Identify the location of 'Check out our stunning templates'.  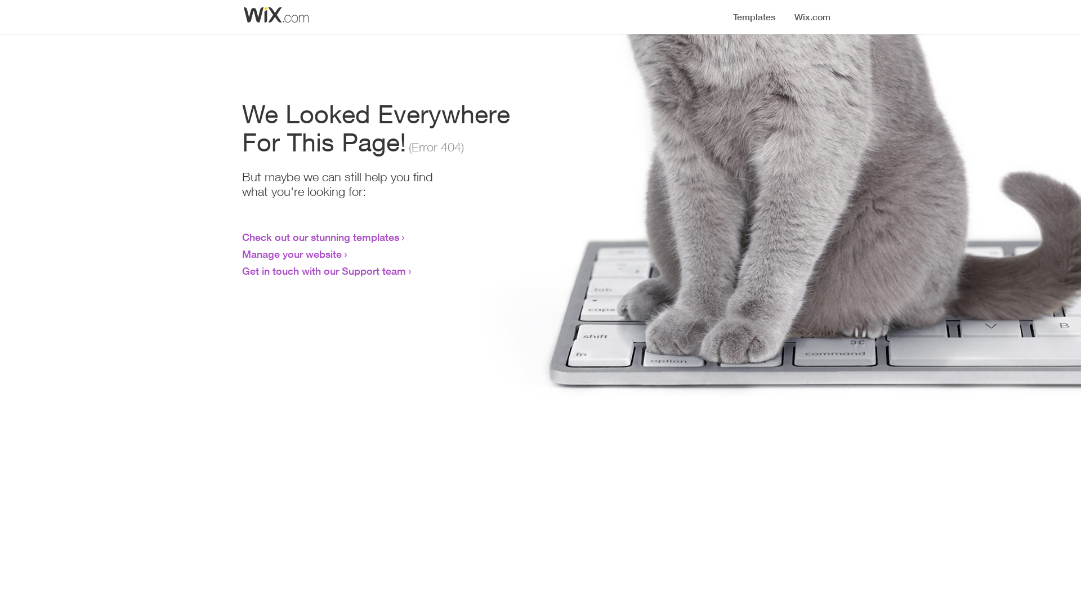
(320, 236).